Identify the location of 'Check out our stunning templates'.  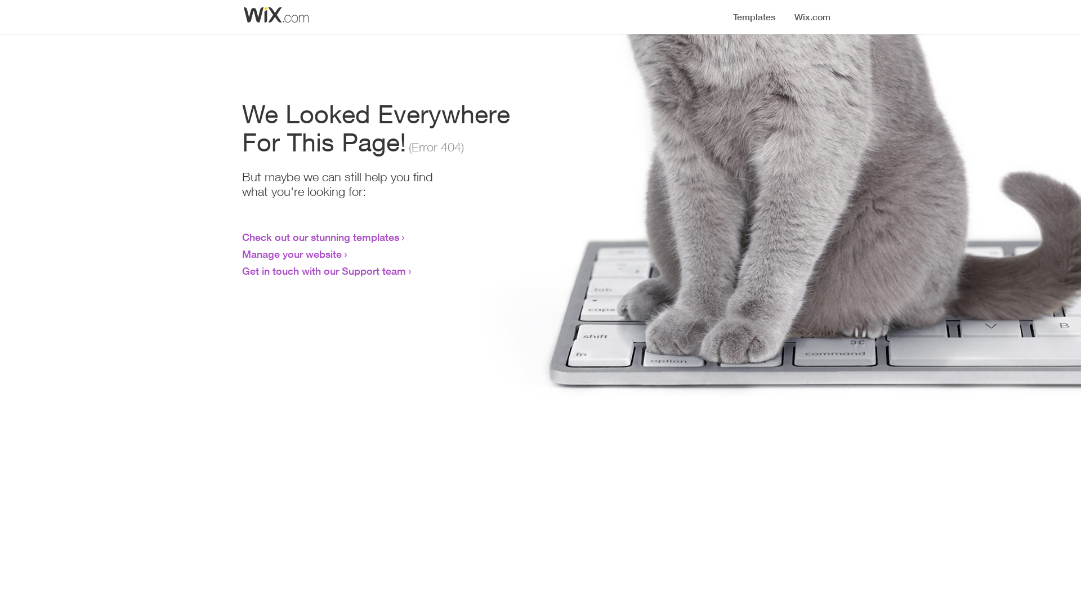
(320, 236).